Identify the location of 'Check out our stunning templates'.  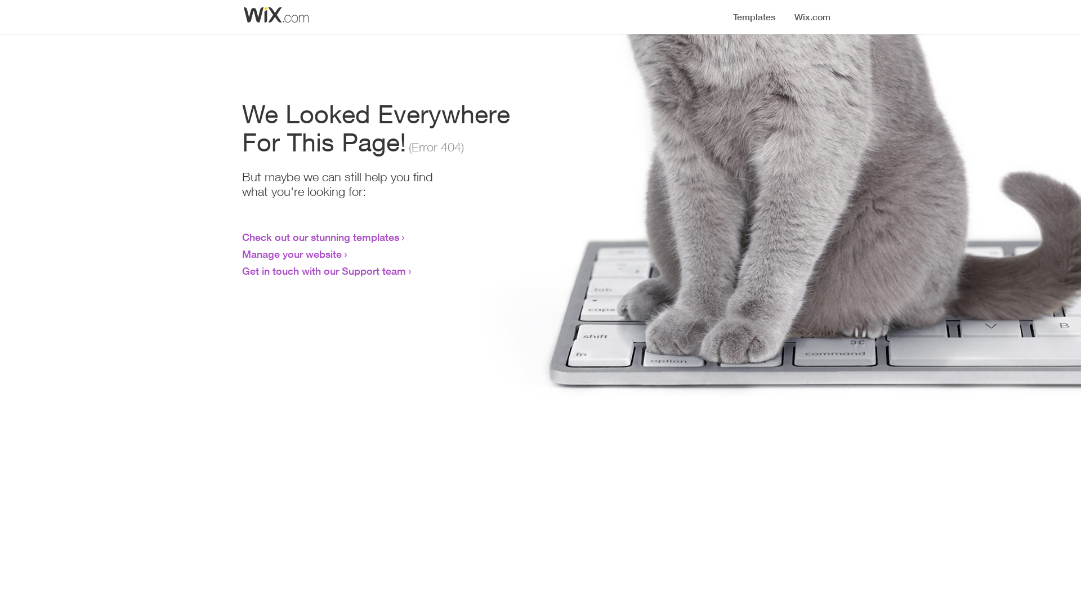
(320, 236).